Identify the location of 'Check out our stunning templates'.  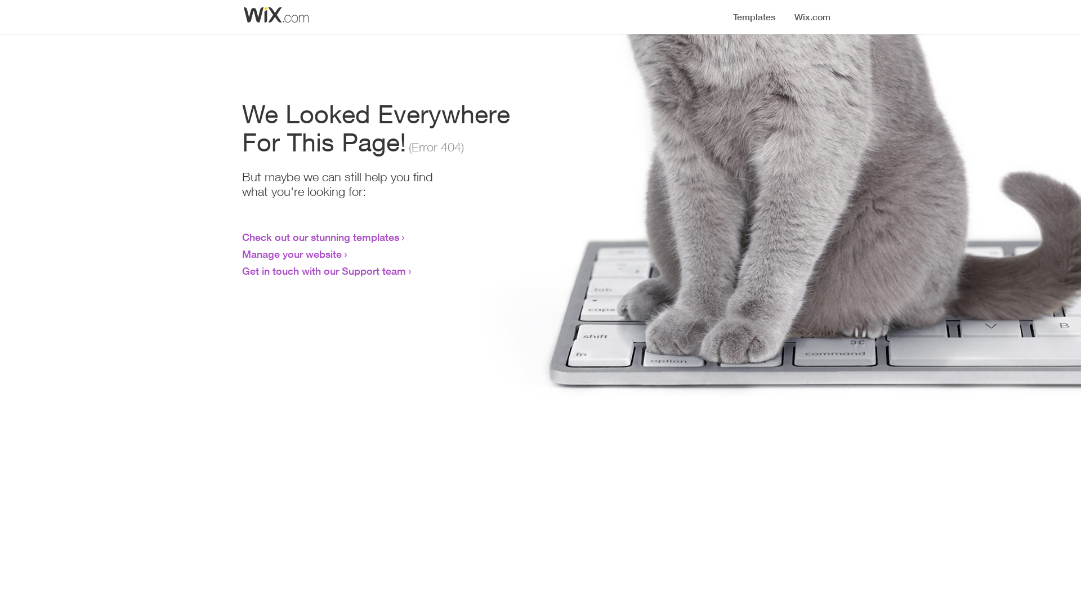
(320, 236).